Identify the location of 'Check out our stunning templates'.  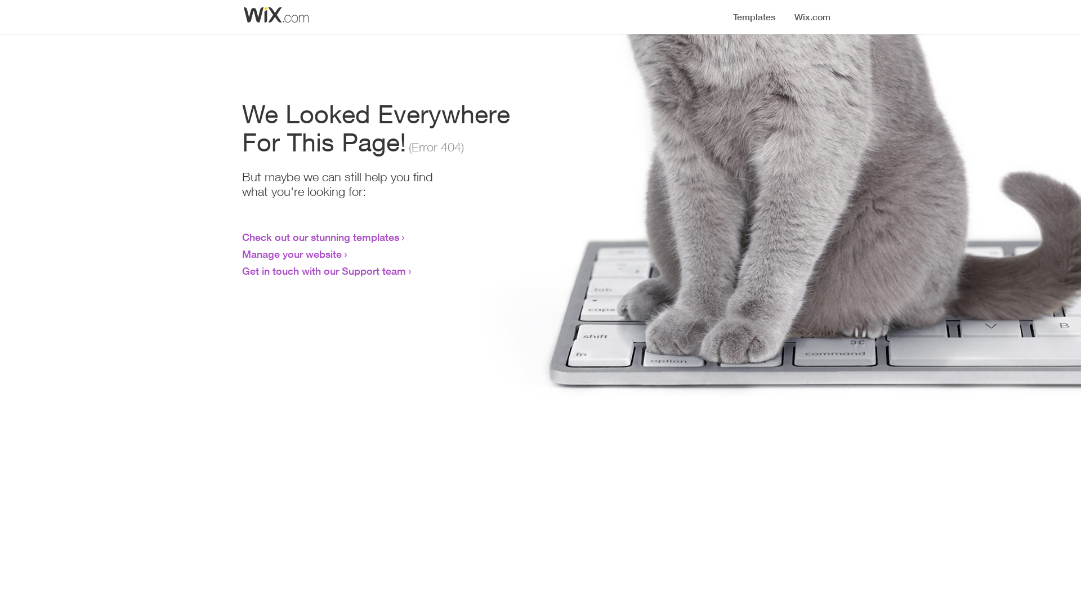
(320, 236).